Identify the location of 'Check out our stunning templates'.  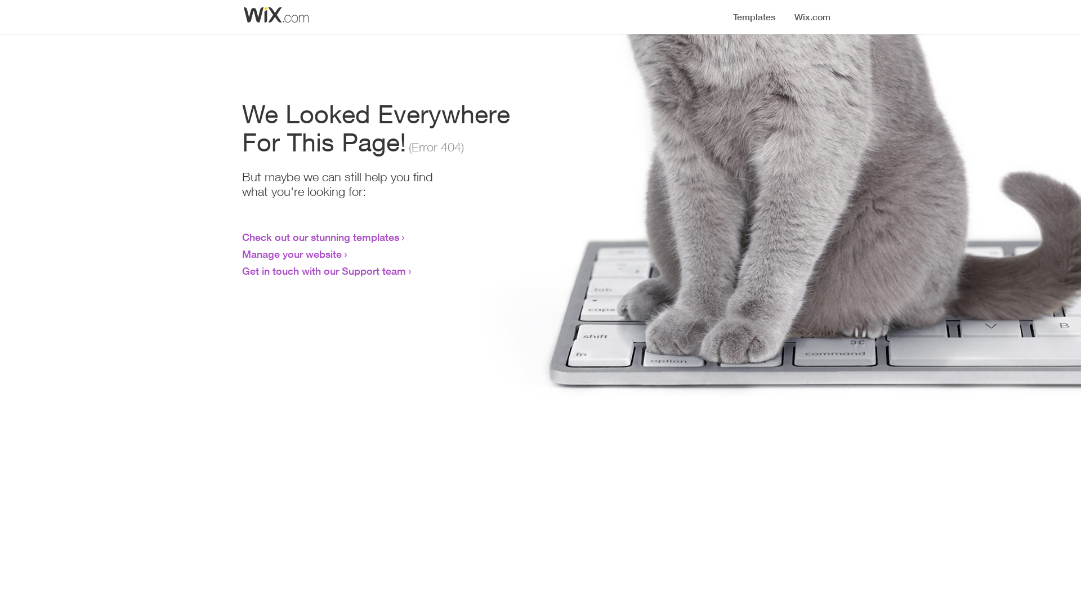
(320, 236).